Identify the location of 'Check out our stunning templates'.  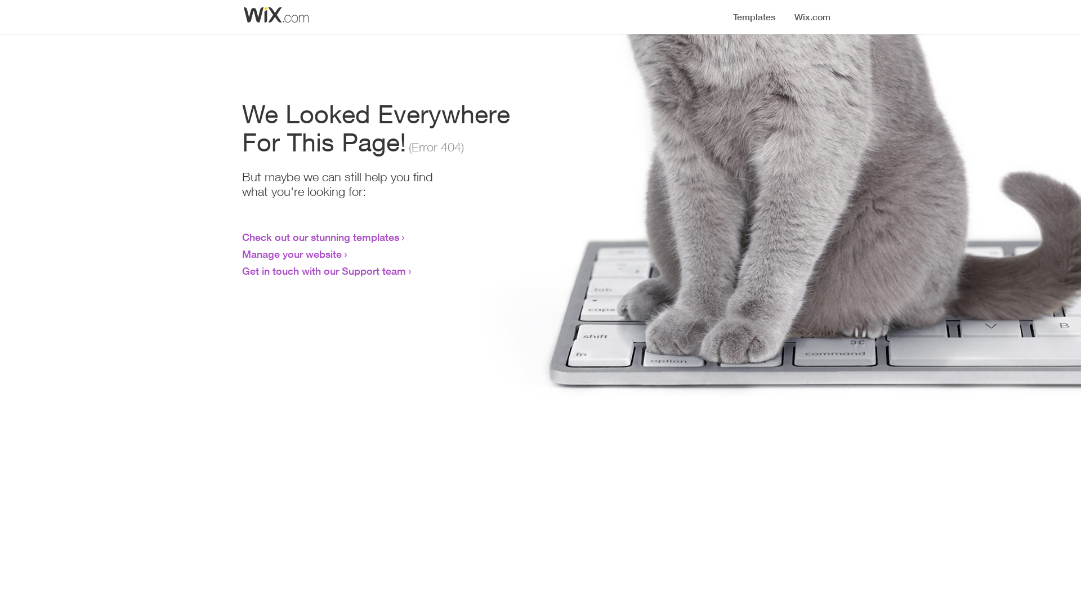
(320, 236).